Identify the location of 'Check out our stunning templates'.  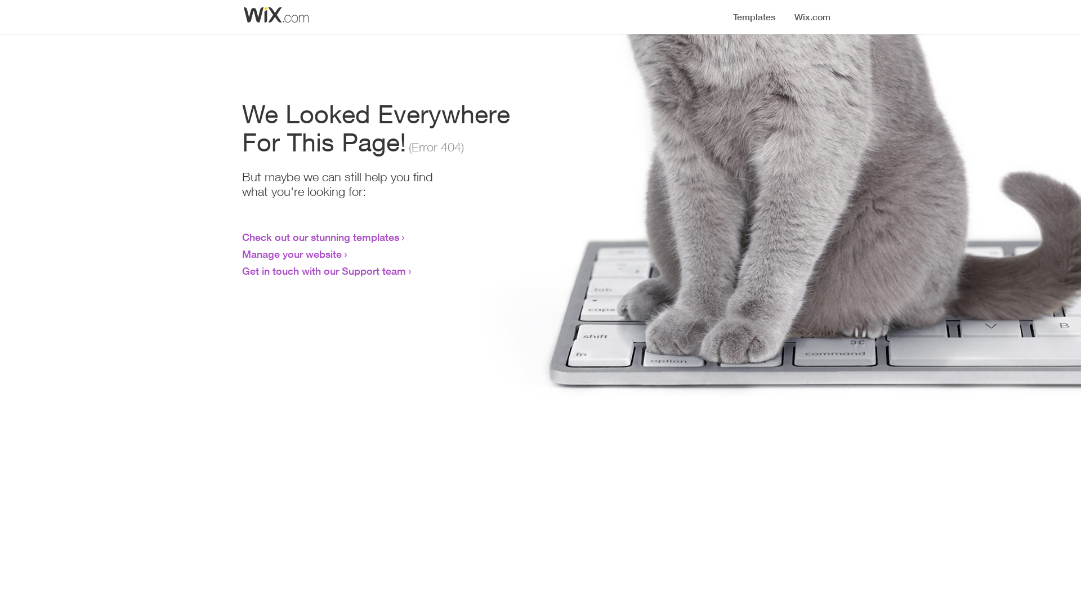
(320, 236).